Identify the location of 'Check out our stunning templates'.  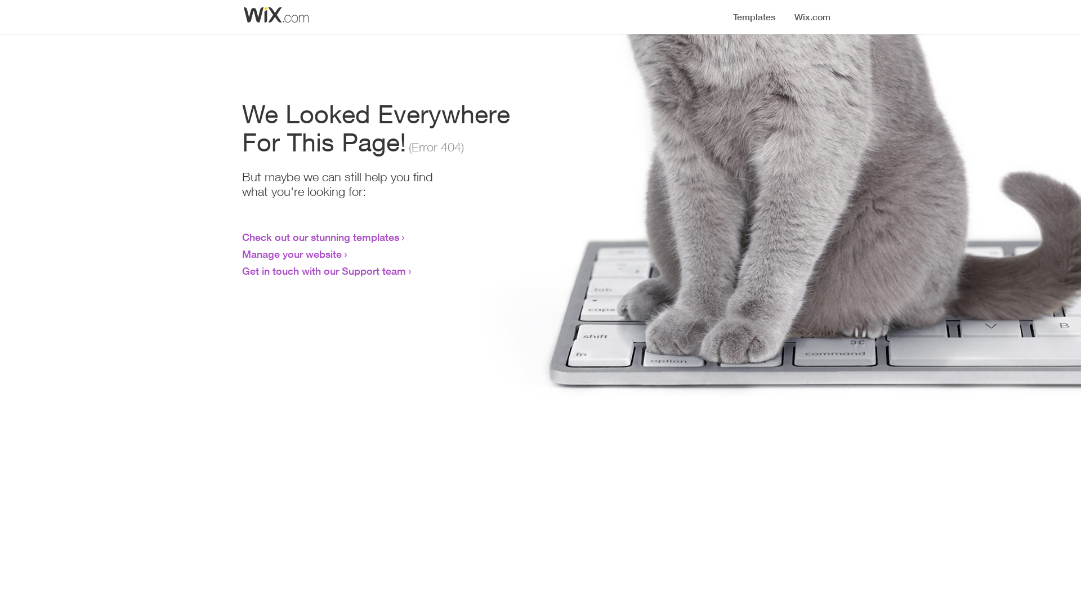
(320, 236).